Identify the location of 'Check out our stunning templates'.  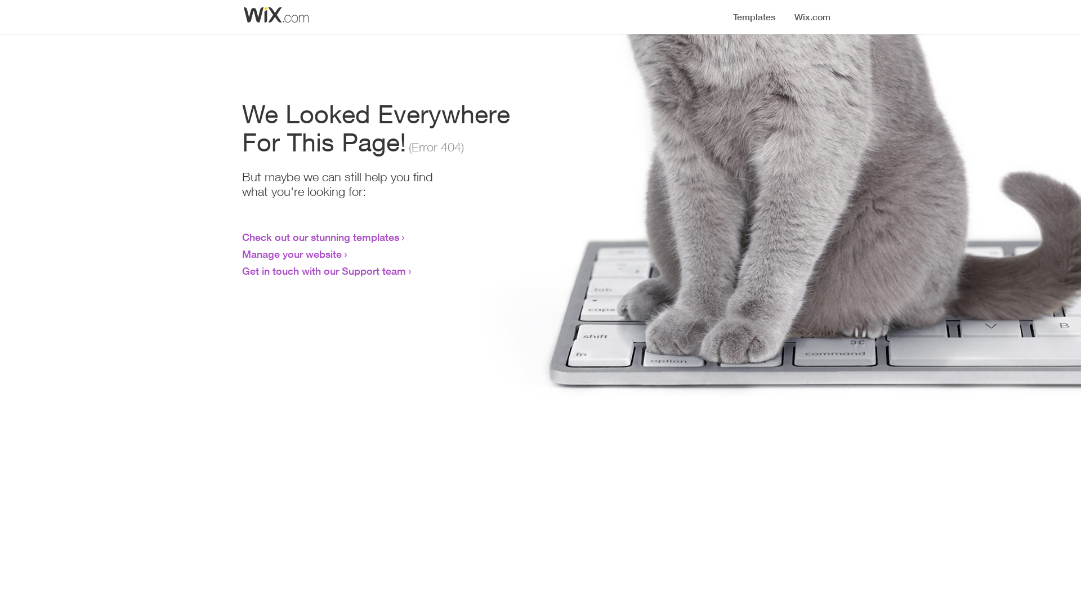
(320, 236).